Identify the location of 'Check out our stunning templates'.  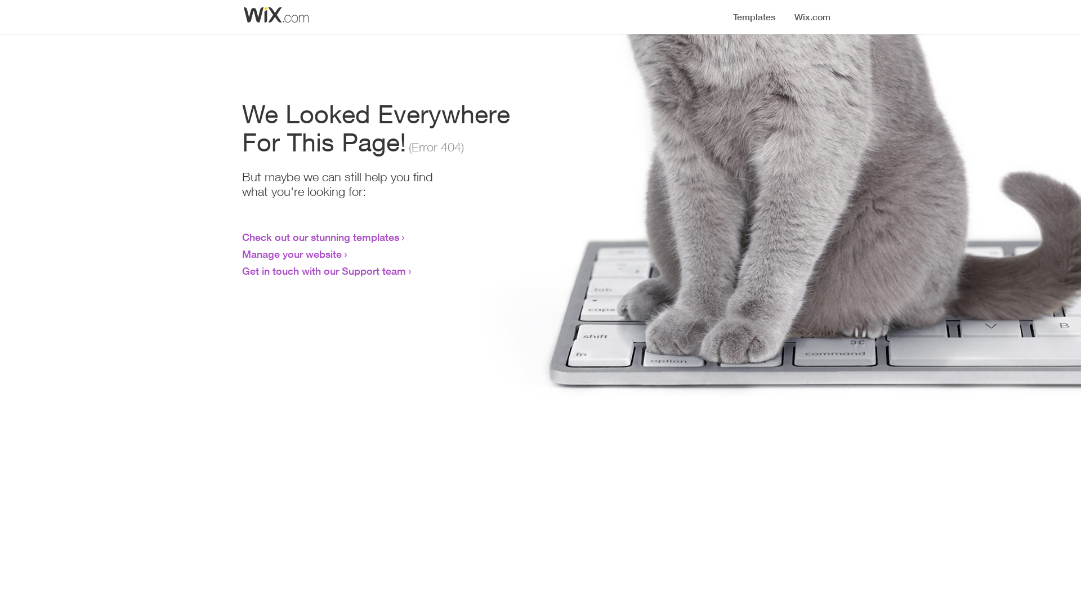
(320, 236).